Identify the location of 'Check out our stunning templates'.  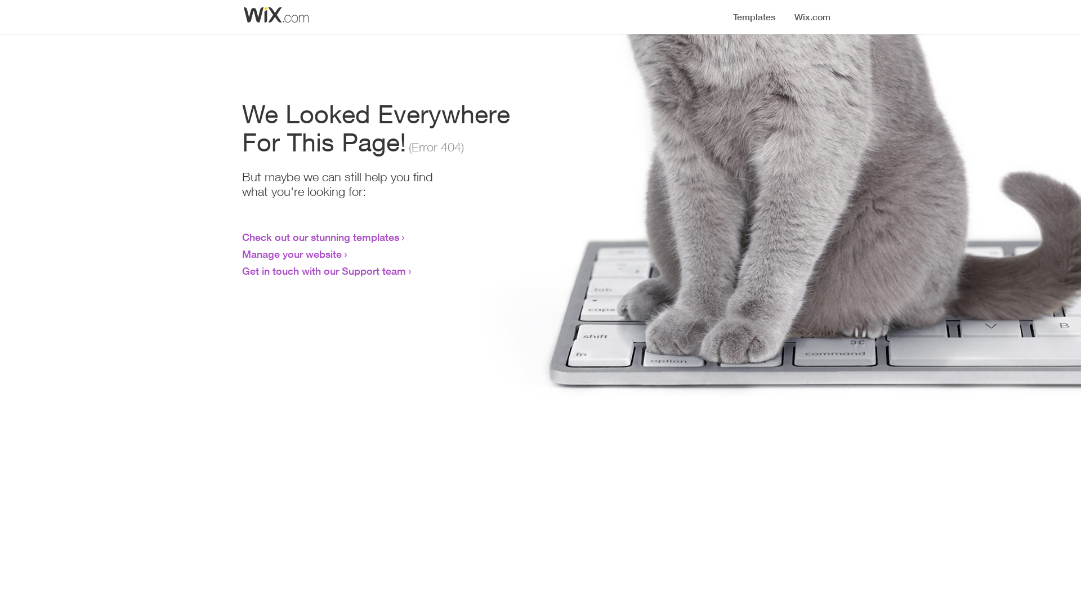
(320, 236).